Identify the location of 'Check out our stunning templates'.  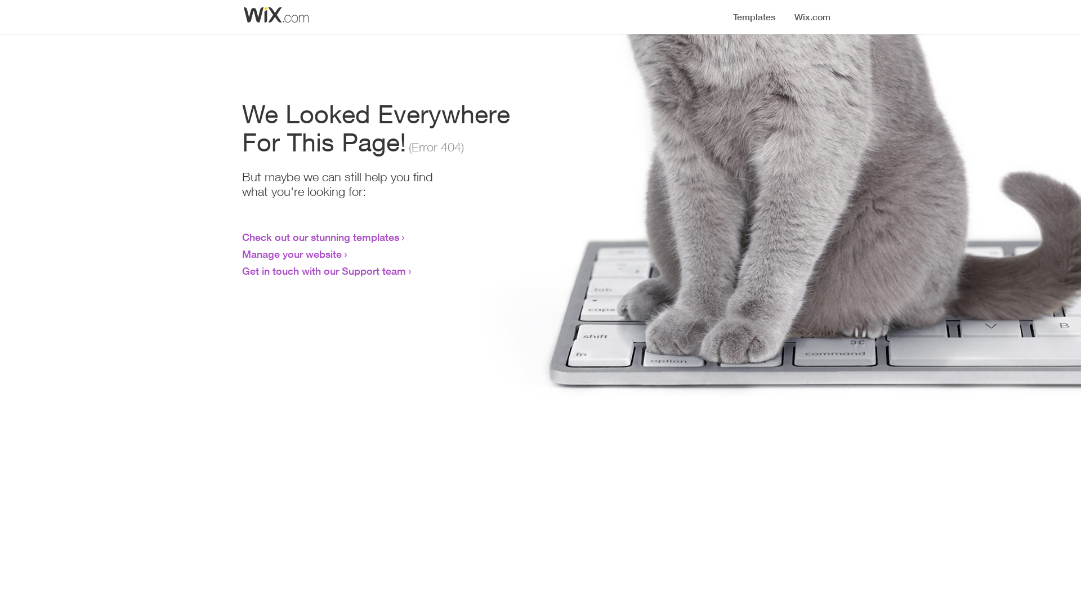
(320, 236).